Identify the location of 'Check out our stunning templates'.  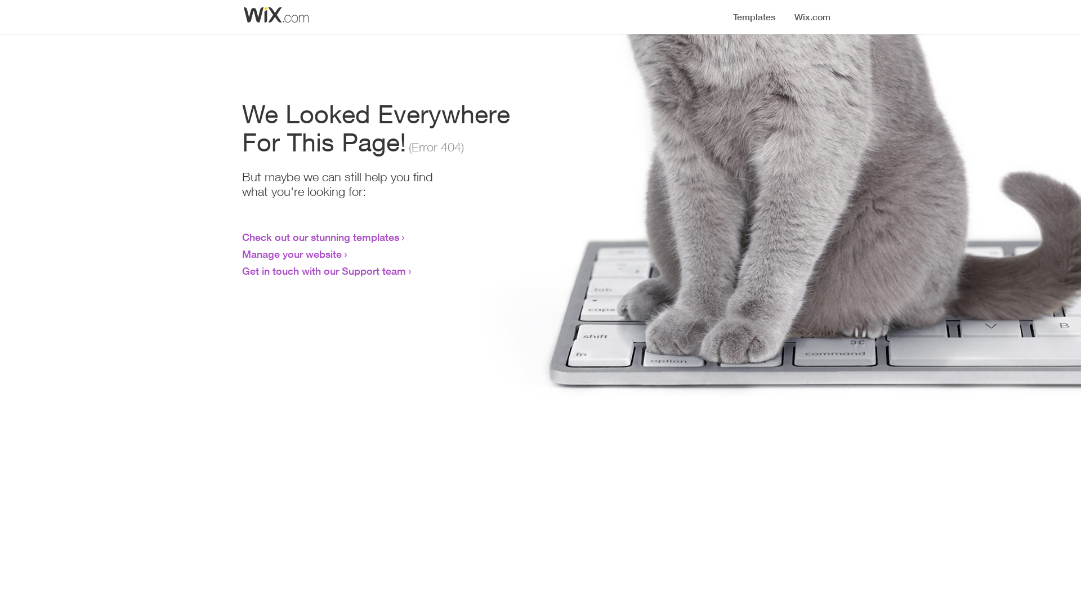
(320, 236).